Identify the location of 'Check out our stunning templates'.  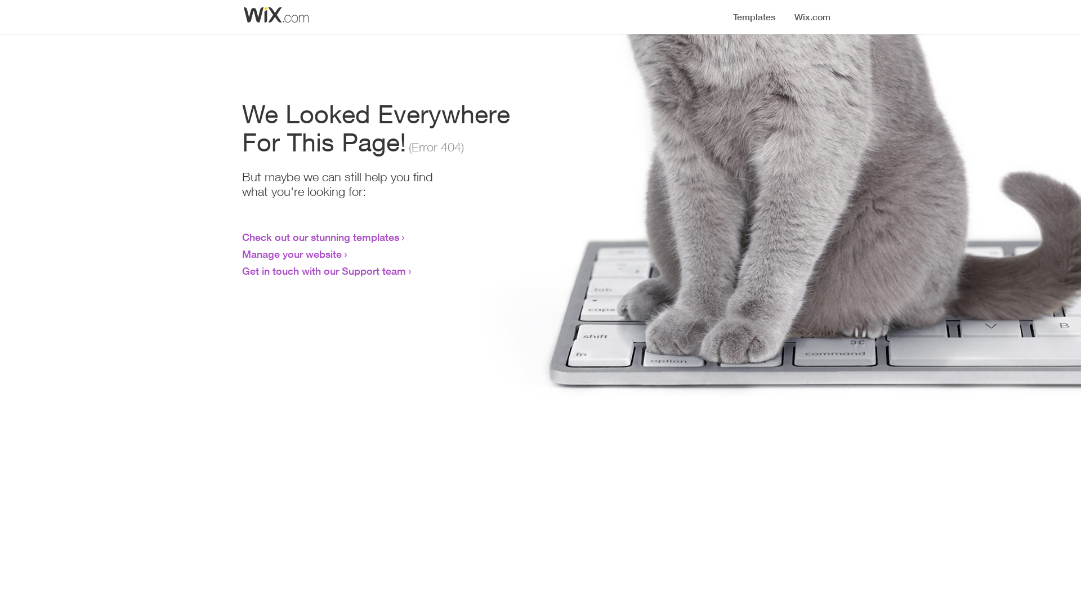
(320, 236).